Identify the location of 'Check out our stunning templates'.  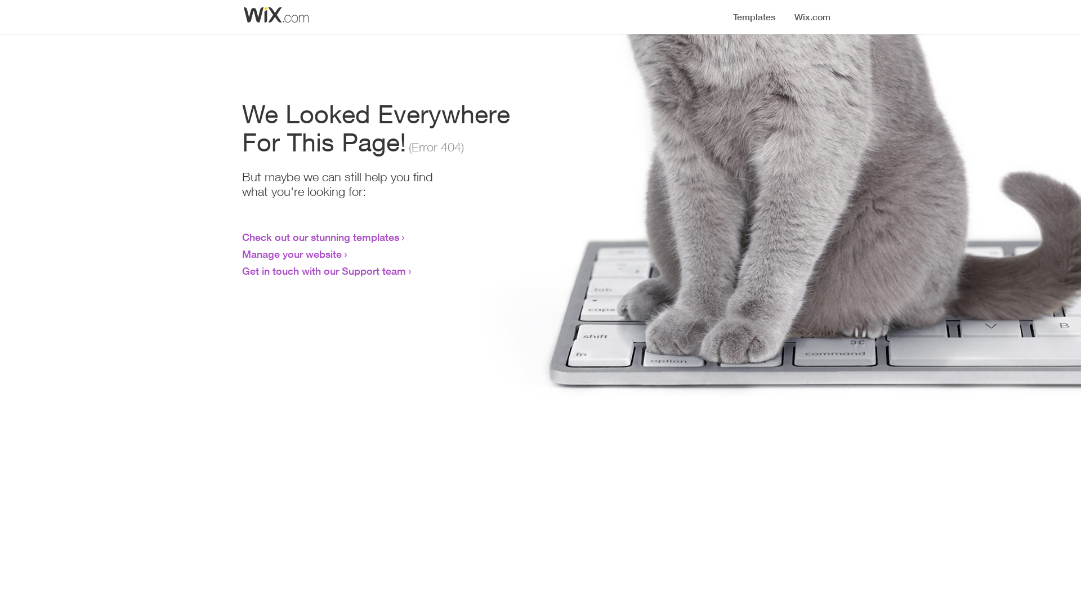
(320, 236).